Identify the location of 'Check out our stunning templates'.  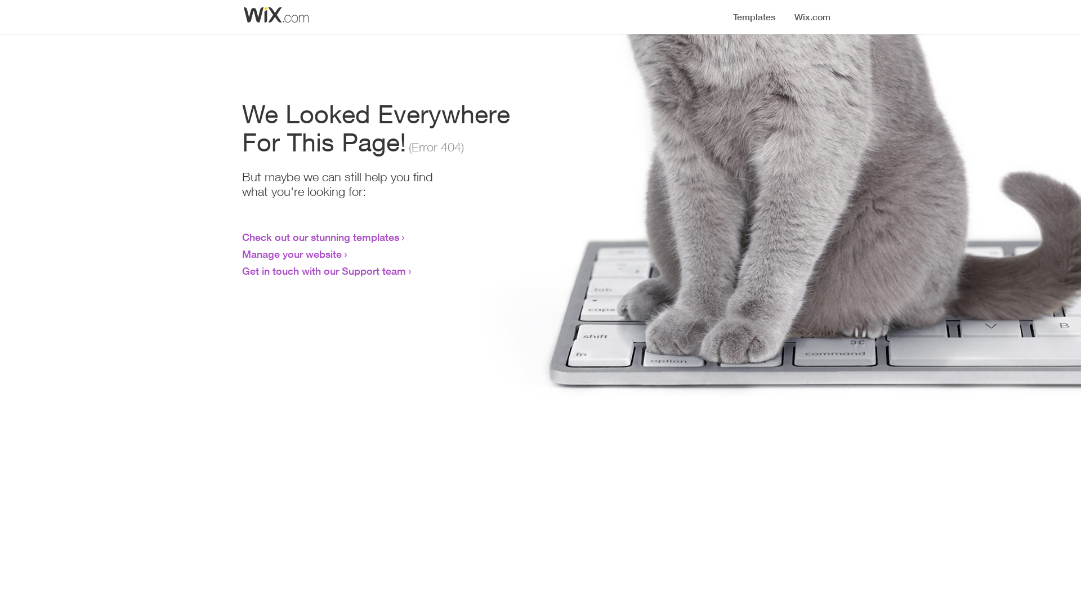
(320, 236).